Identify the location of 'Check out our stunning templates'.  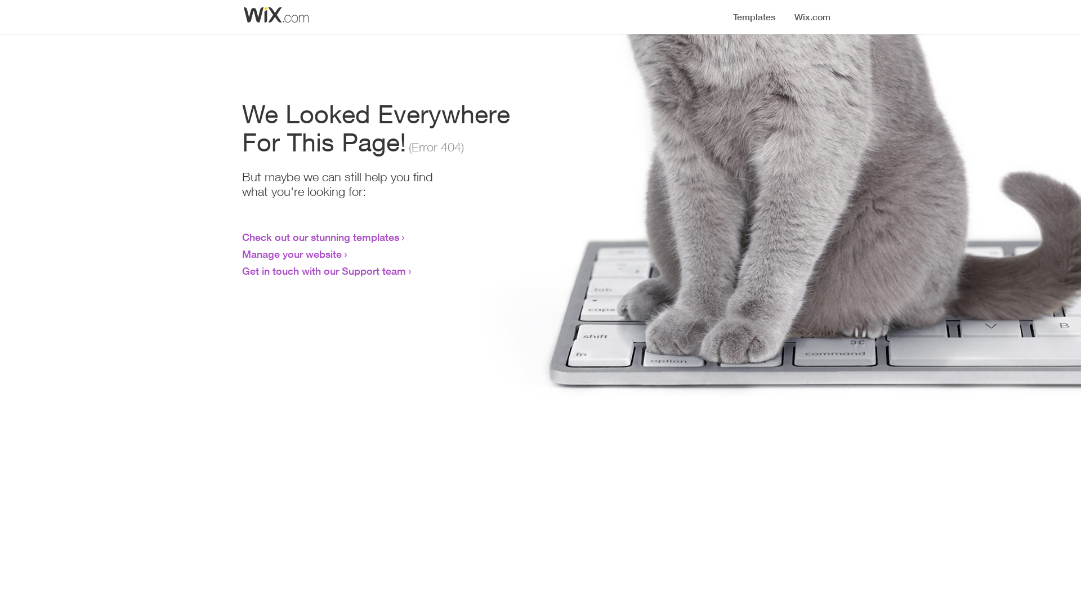
(320, 236).